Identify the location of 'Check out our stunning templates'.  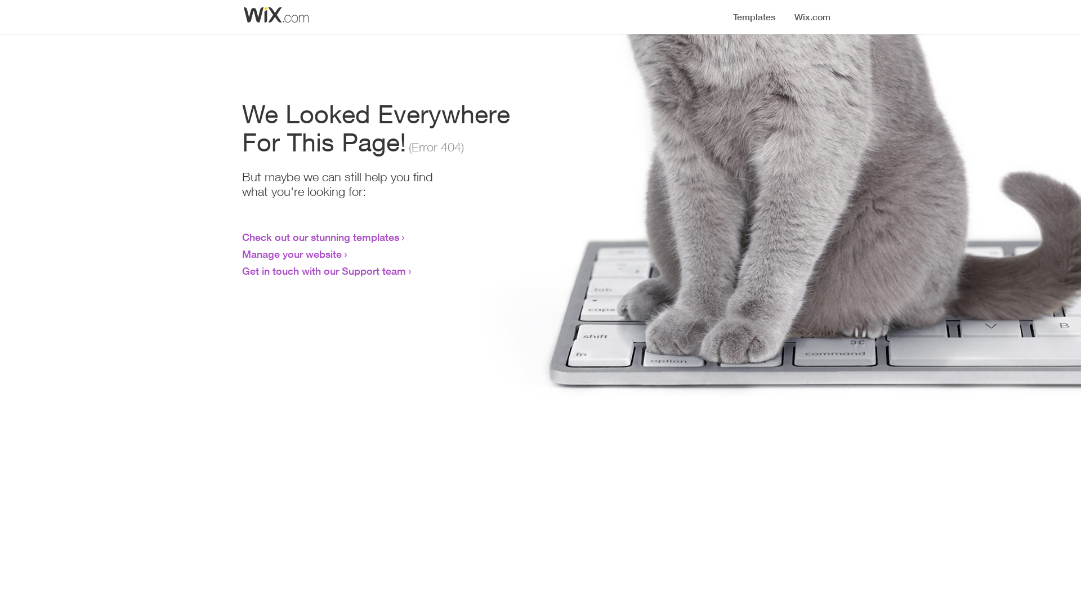
(320, 236).